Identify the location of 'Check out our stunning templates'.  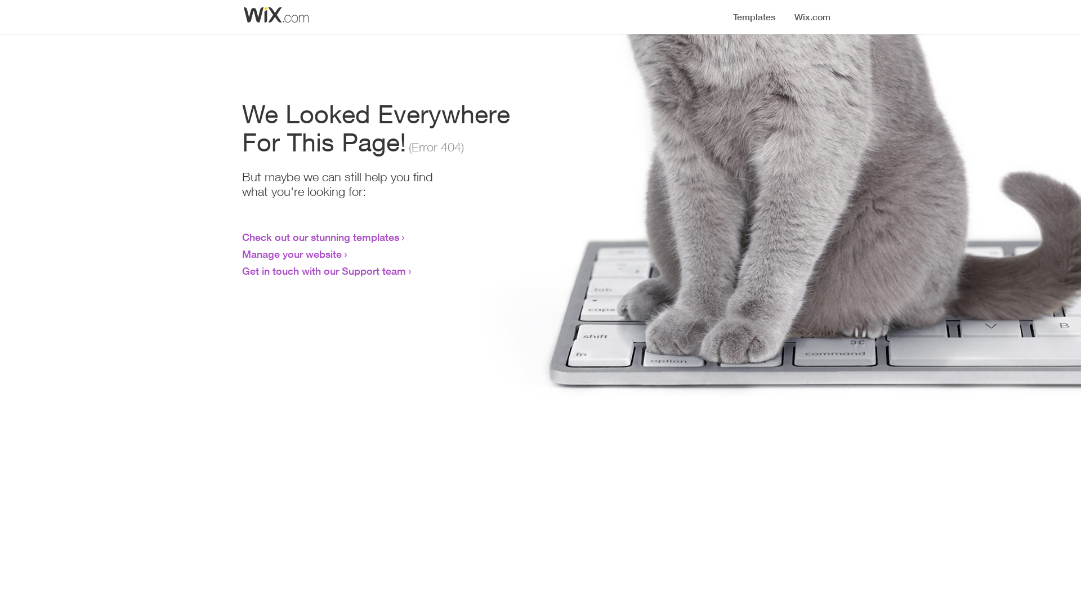
(320, 236).